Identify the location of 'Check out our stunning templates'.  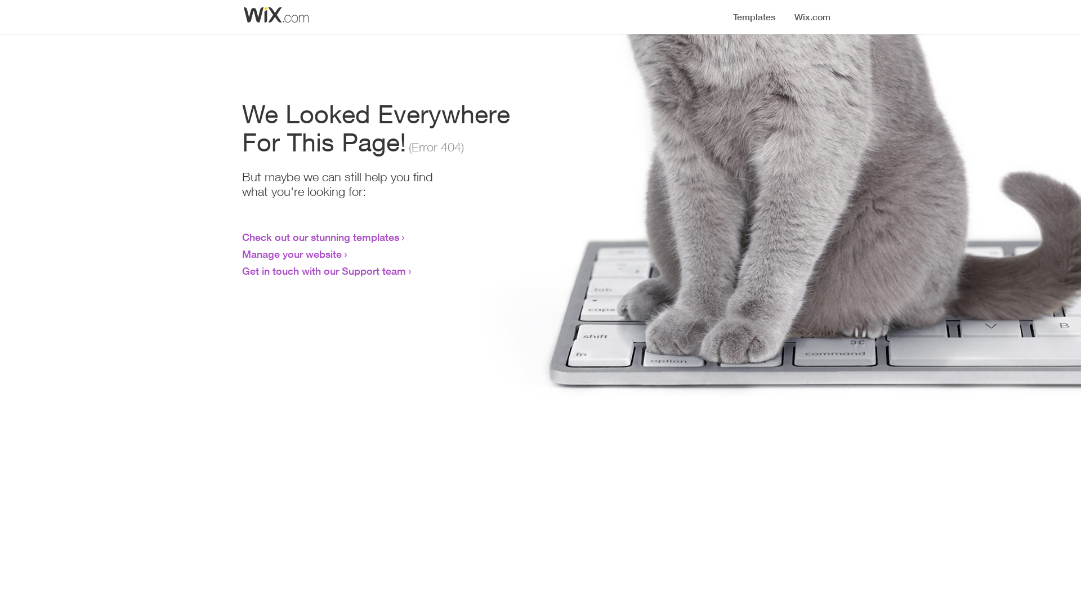
(320, 236).